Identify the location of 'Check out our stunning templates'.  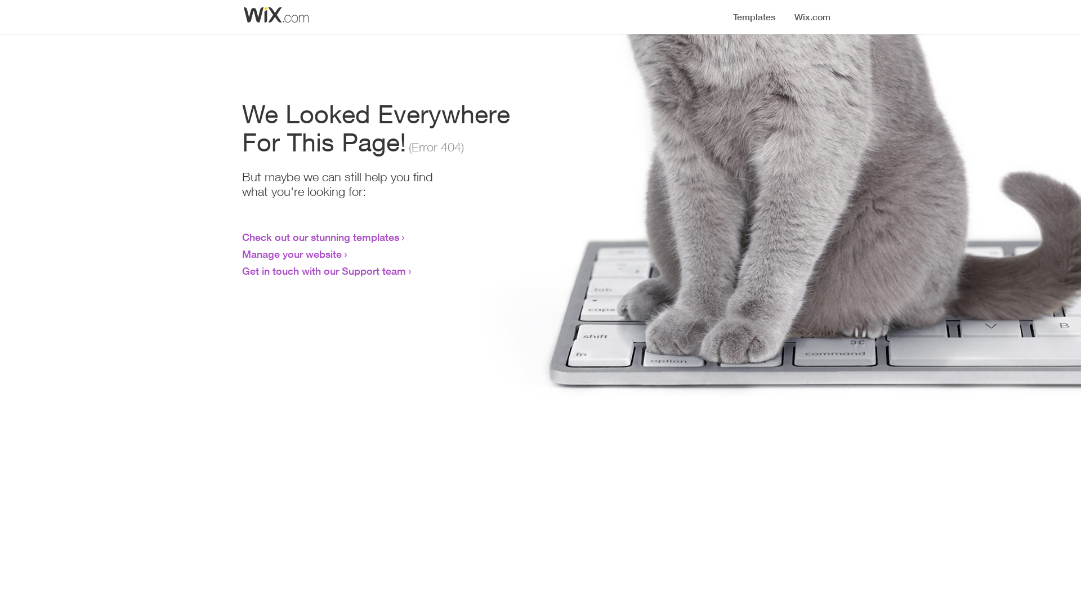
(320, 236).